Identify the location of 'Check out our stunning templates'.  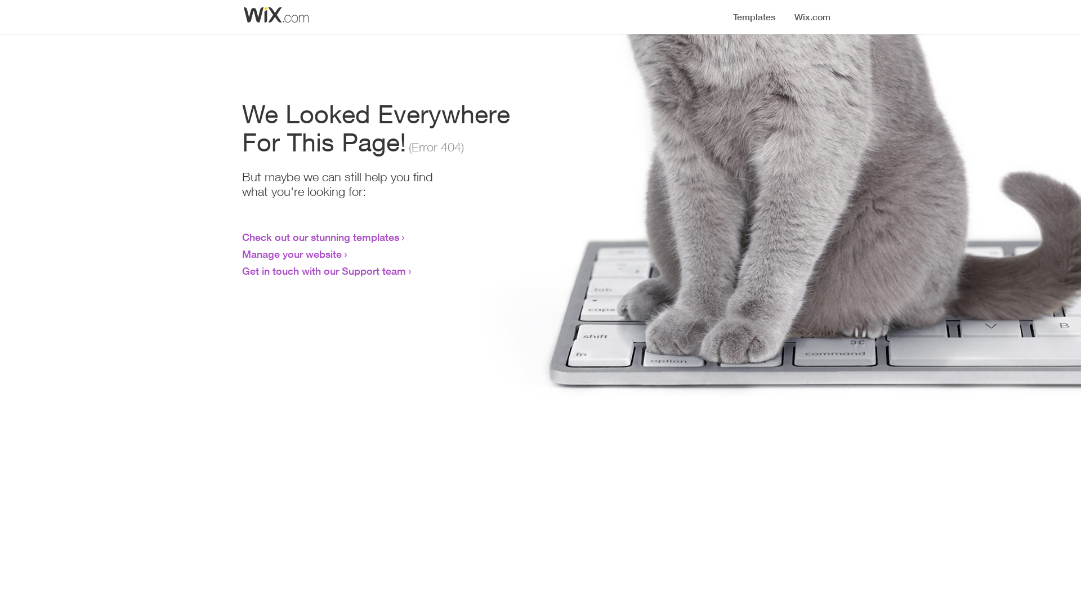
(320, 236).